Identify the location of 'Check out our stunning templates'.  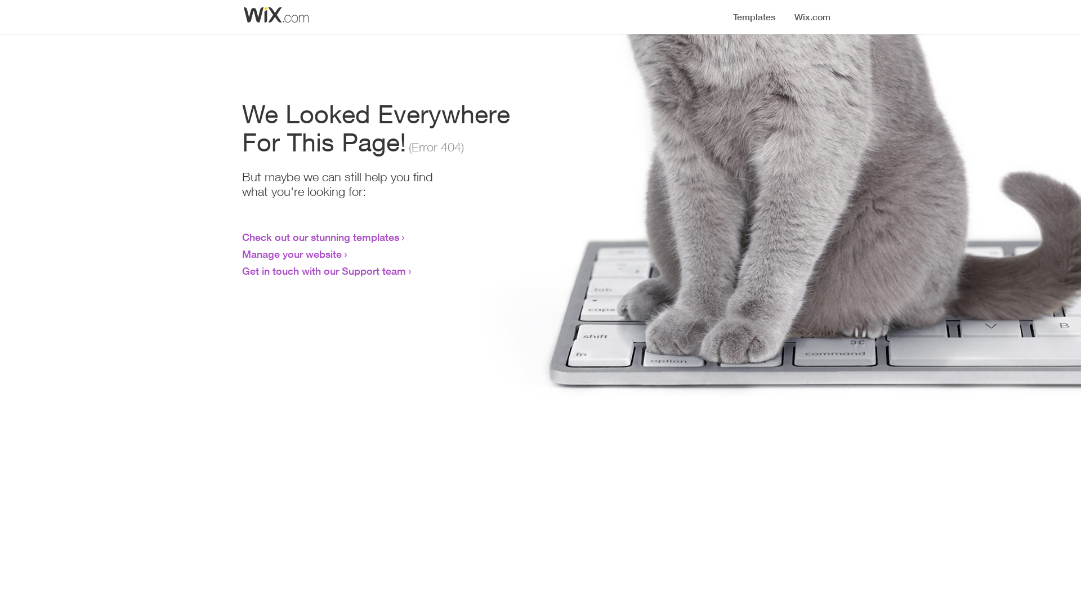
(320, 236).